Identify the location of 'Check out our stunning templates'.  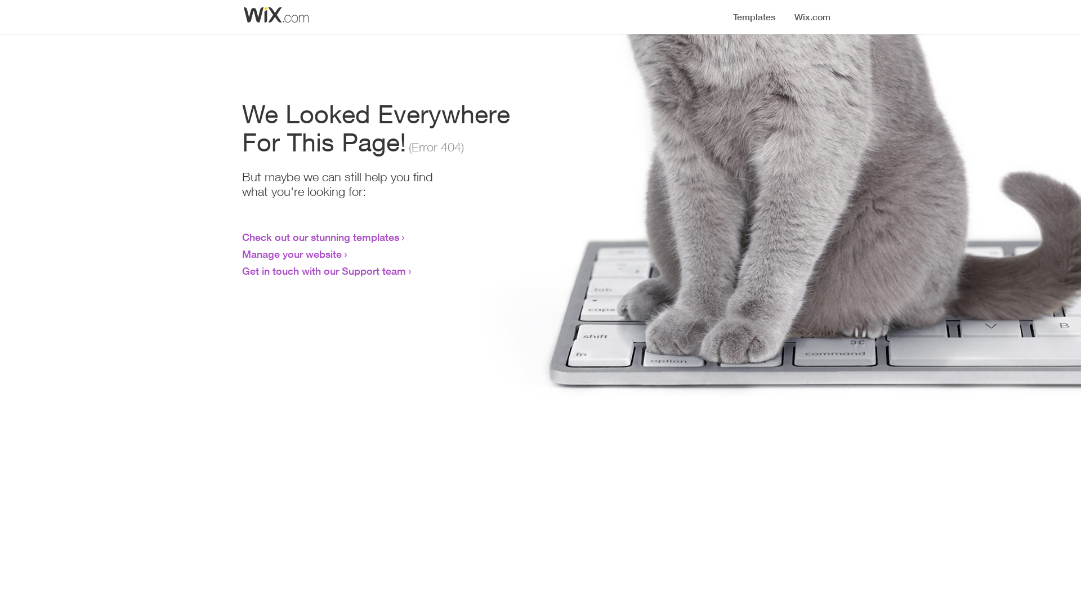
(320, 236).